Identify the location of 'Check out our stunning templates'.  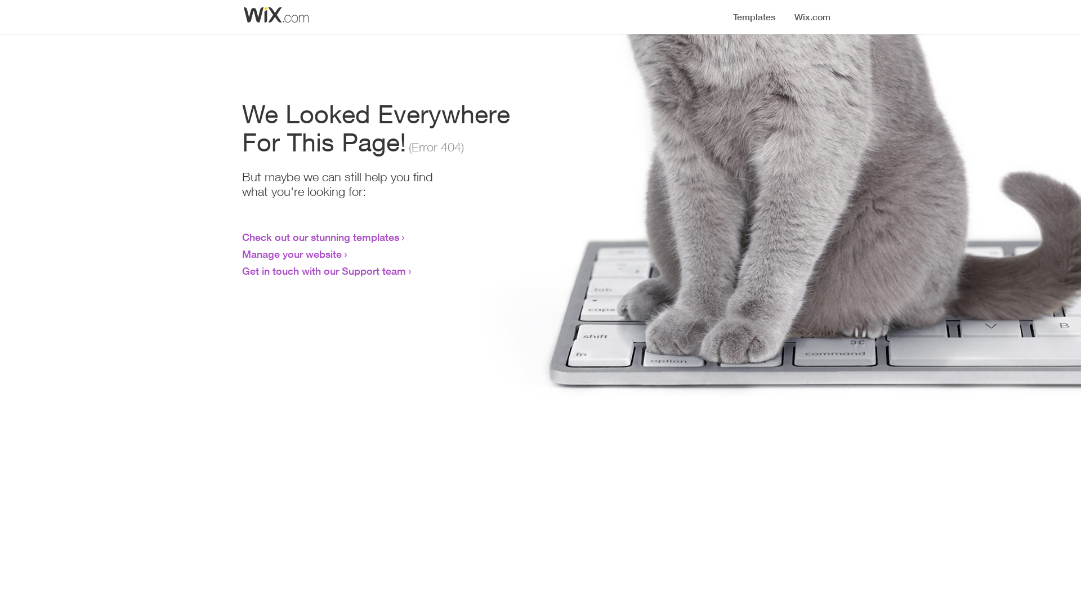
(320, 236).